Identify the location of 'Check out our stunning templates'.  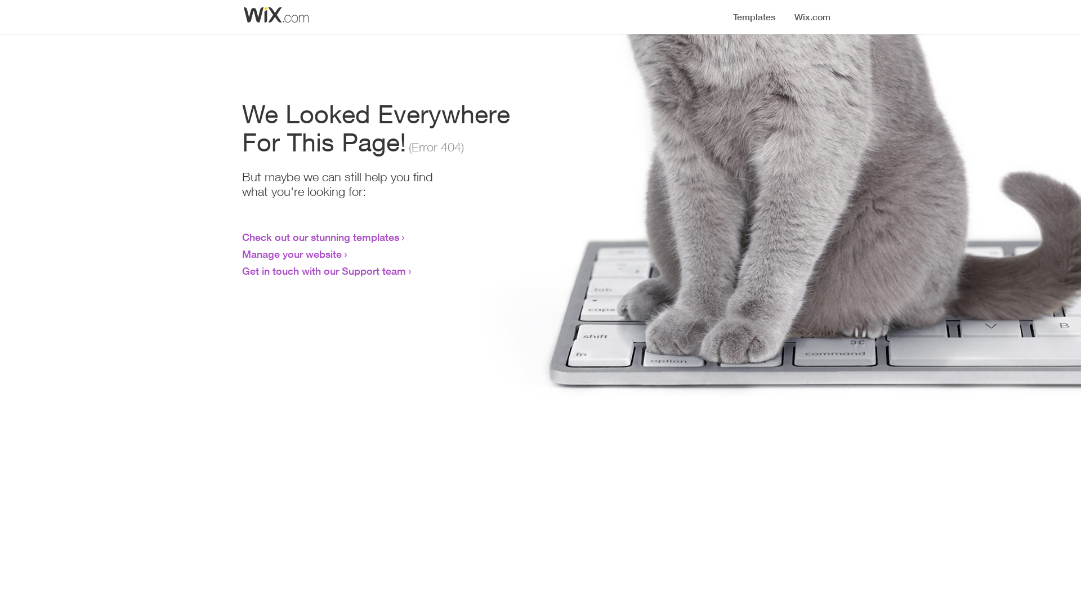
(320, 236).